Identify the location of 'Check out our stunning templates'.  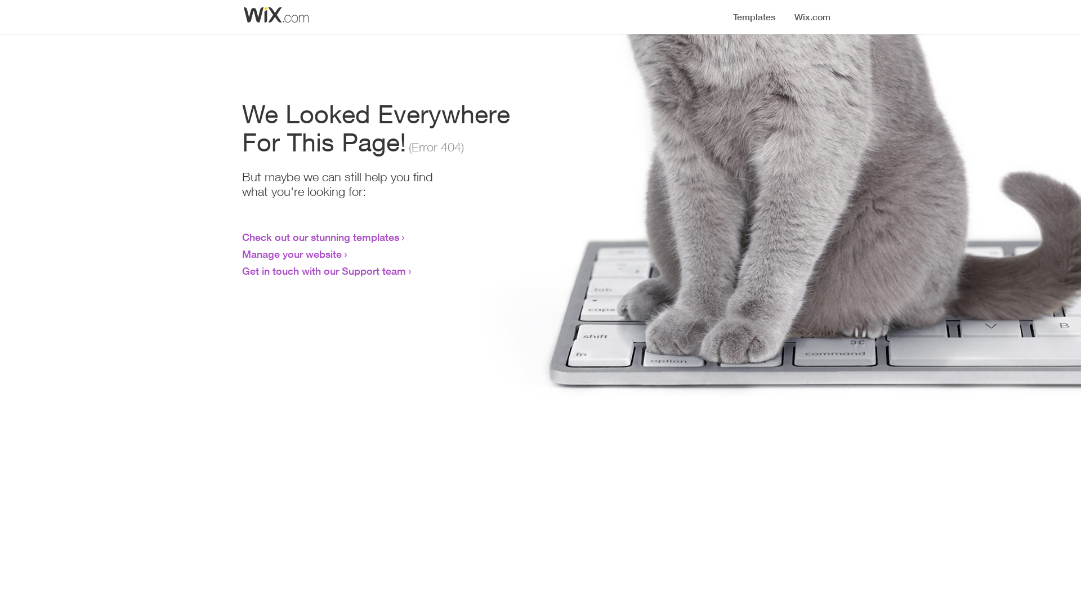
(320, 236).